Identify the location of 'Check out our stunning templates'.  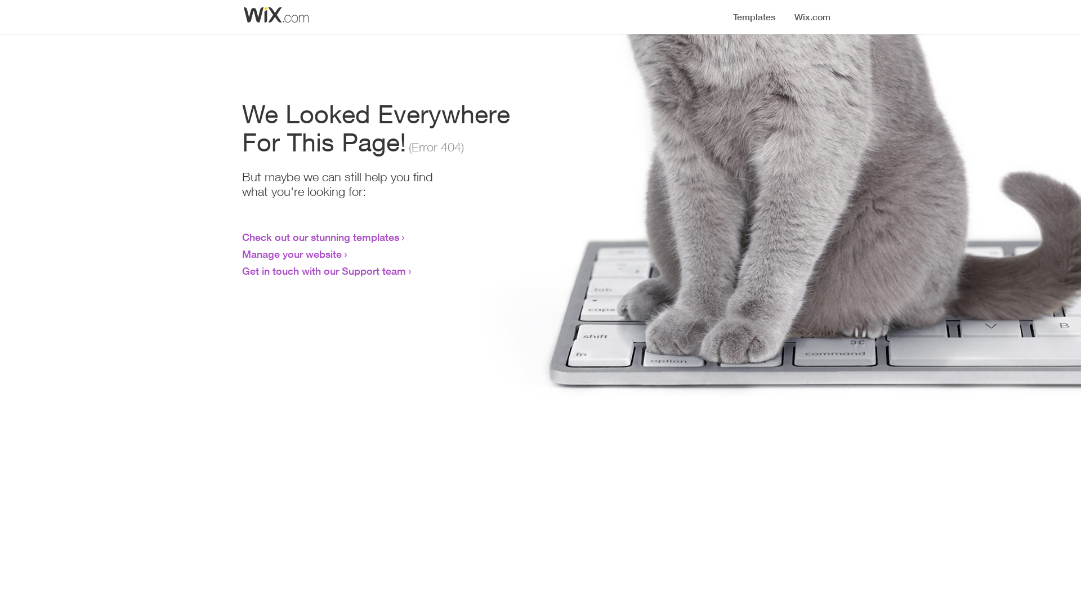
(320, 236).